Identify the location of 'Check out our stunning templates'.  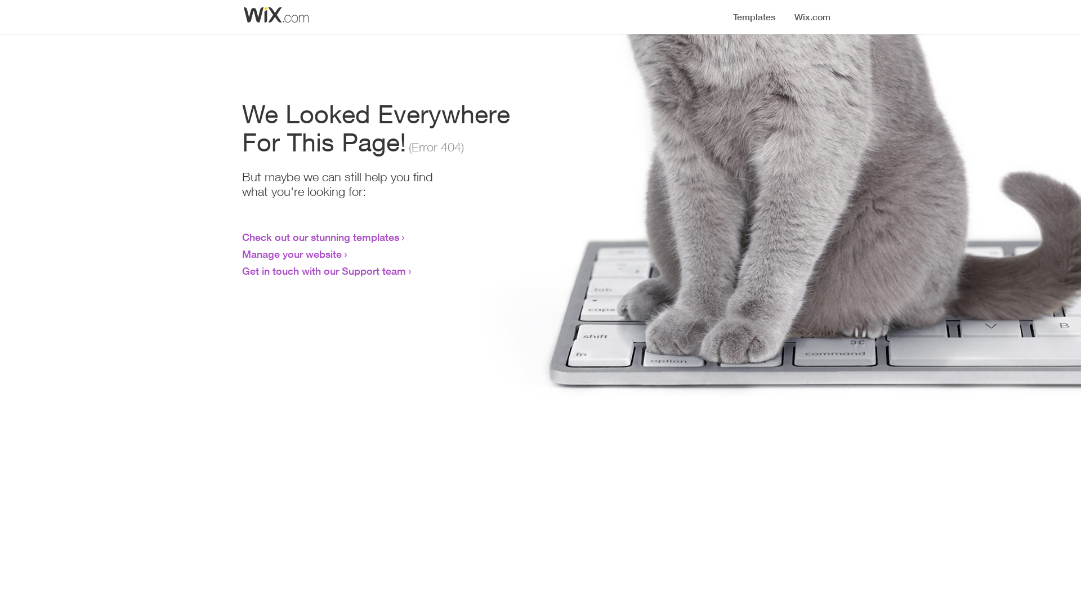
(320, 236).